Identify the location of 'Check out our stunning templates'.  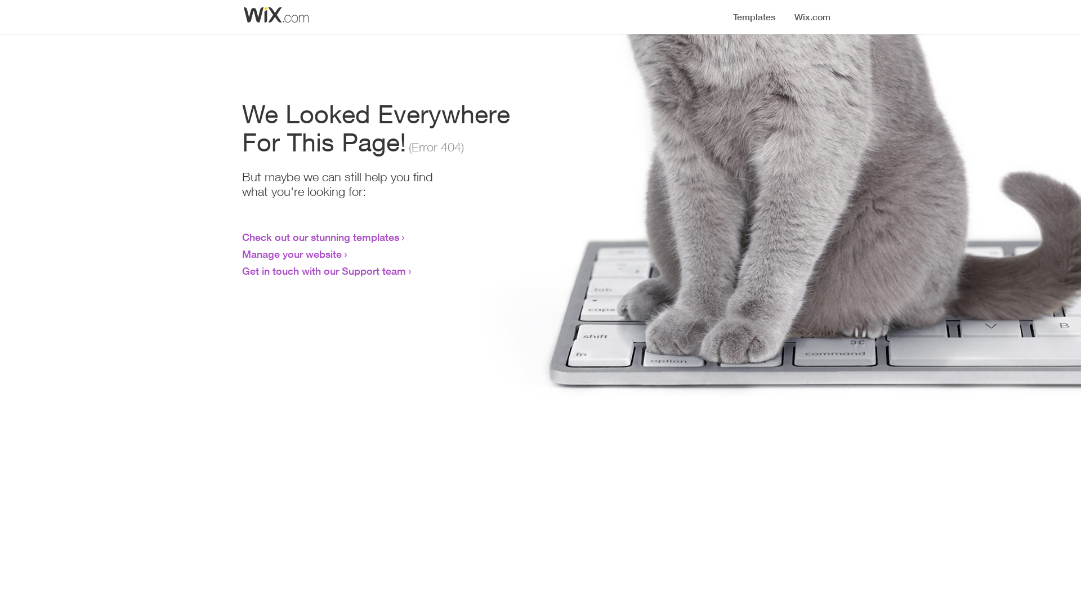
(320, 236).